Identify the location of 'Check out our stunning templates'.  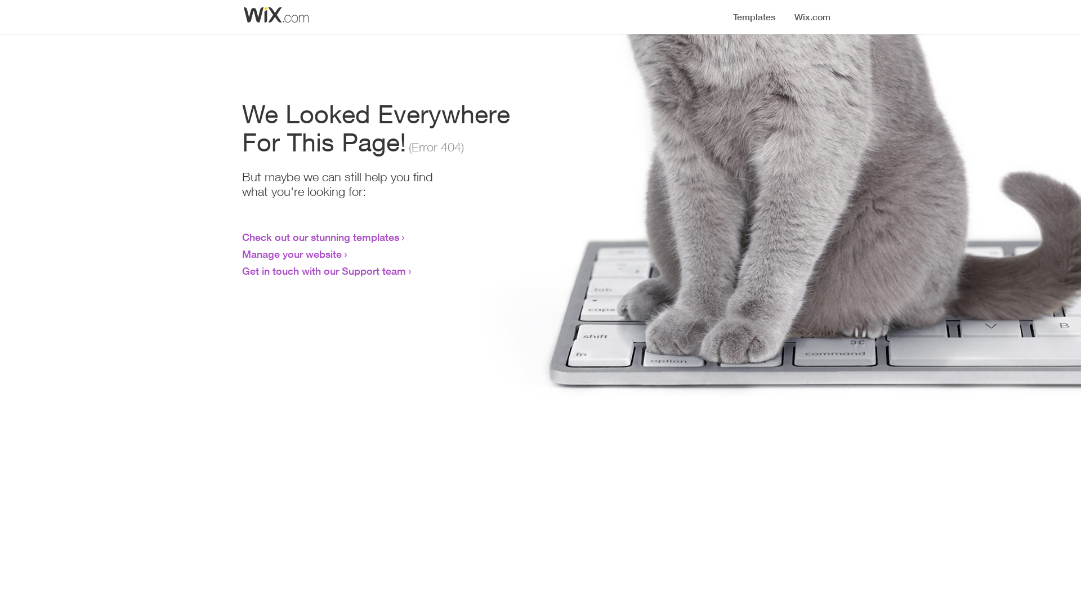
(320, 236).